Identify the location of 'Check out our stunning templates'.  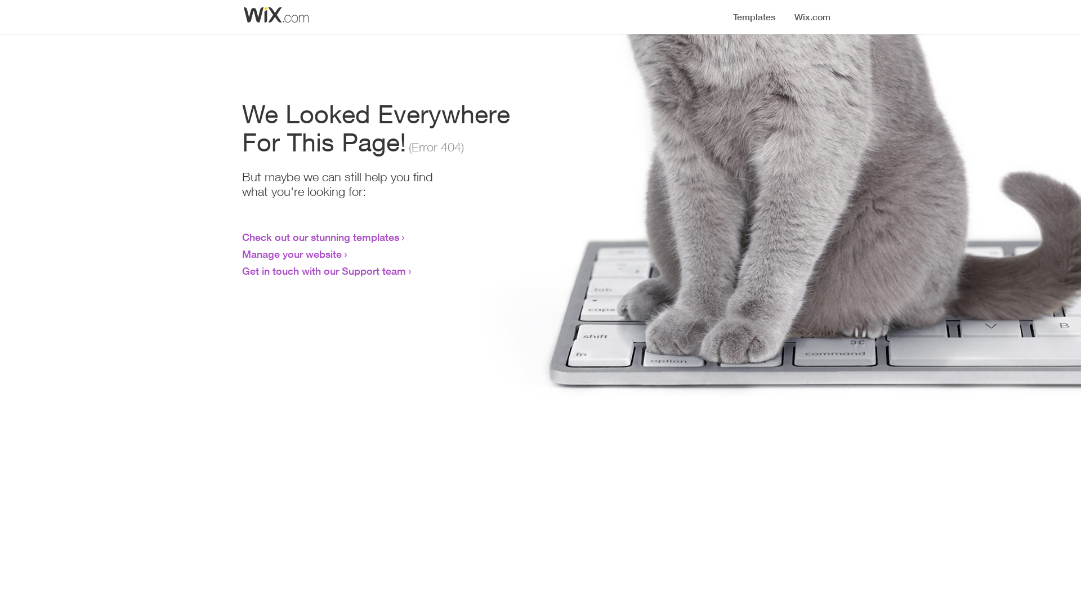
(320, 236).